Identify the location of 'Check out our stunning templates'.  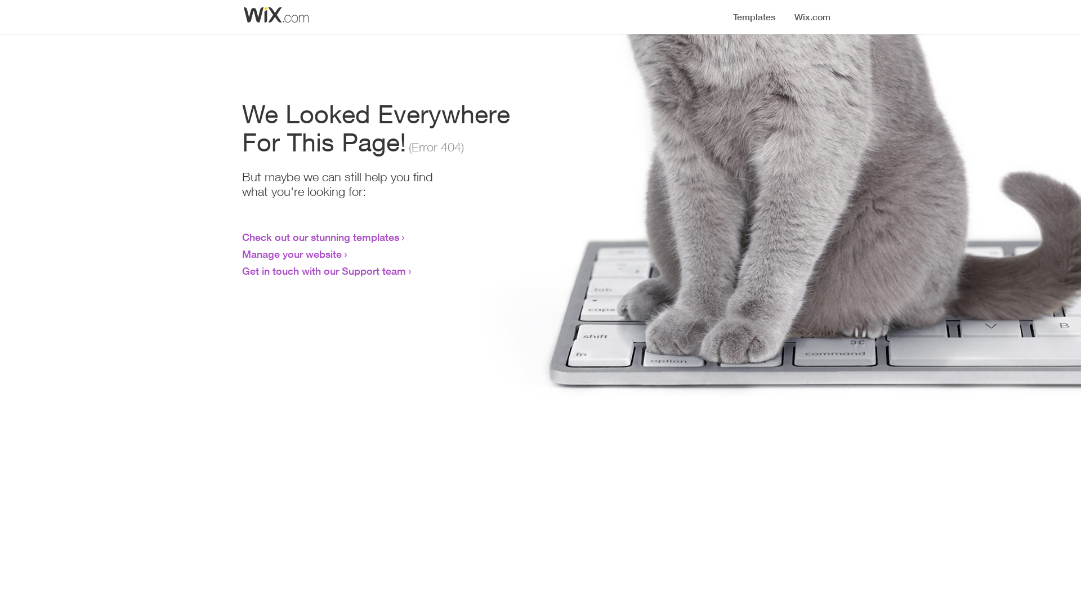
(320, 236).